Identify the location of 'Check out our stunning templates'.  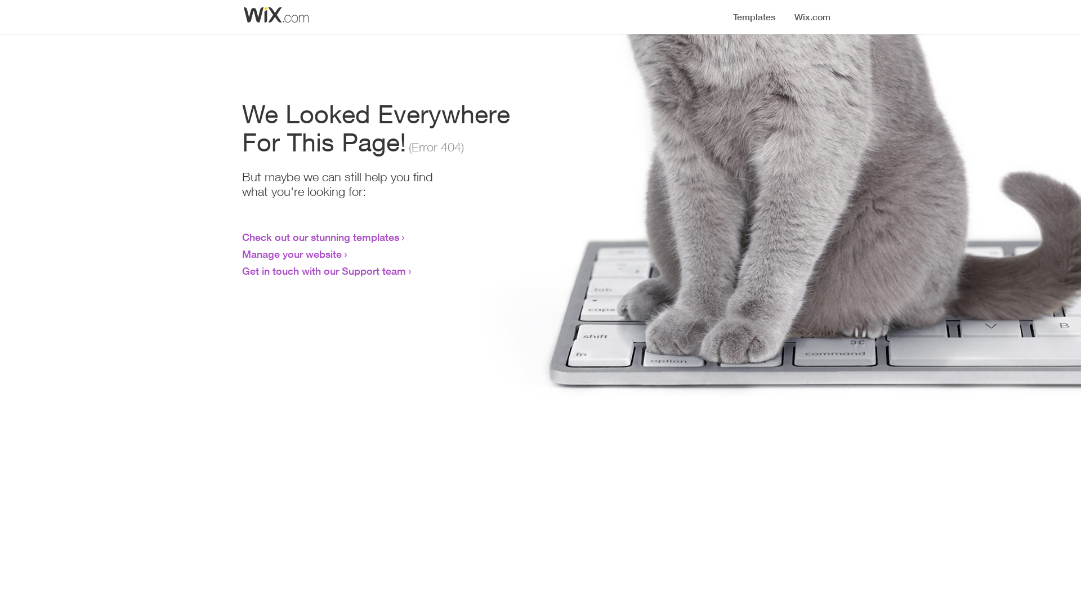
(320, 236).